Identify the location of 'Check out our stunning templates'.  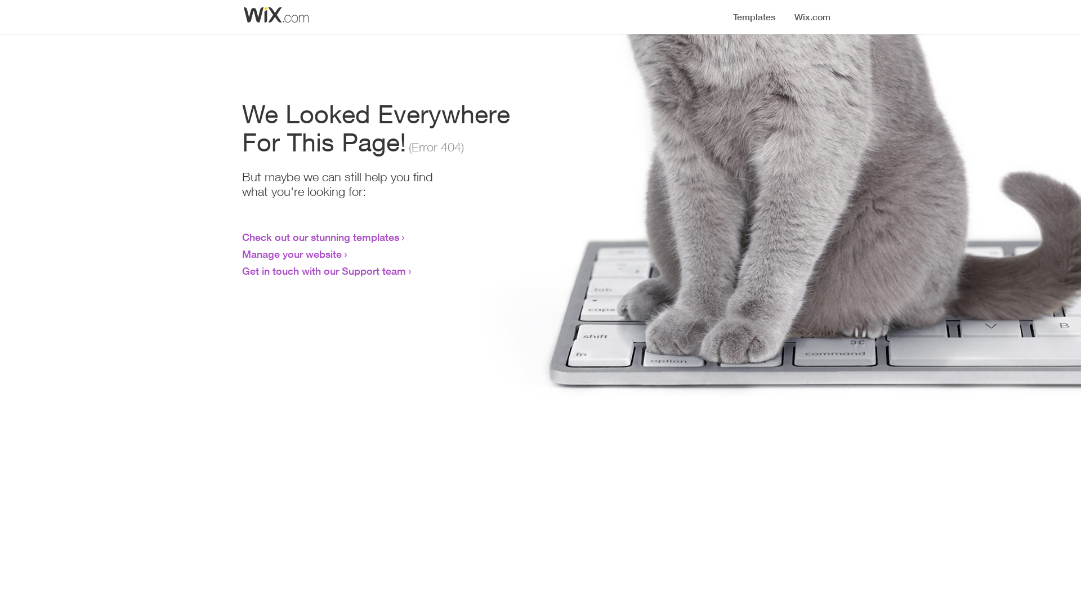
(320, 236).